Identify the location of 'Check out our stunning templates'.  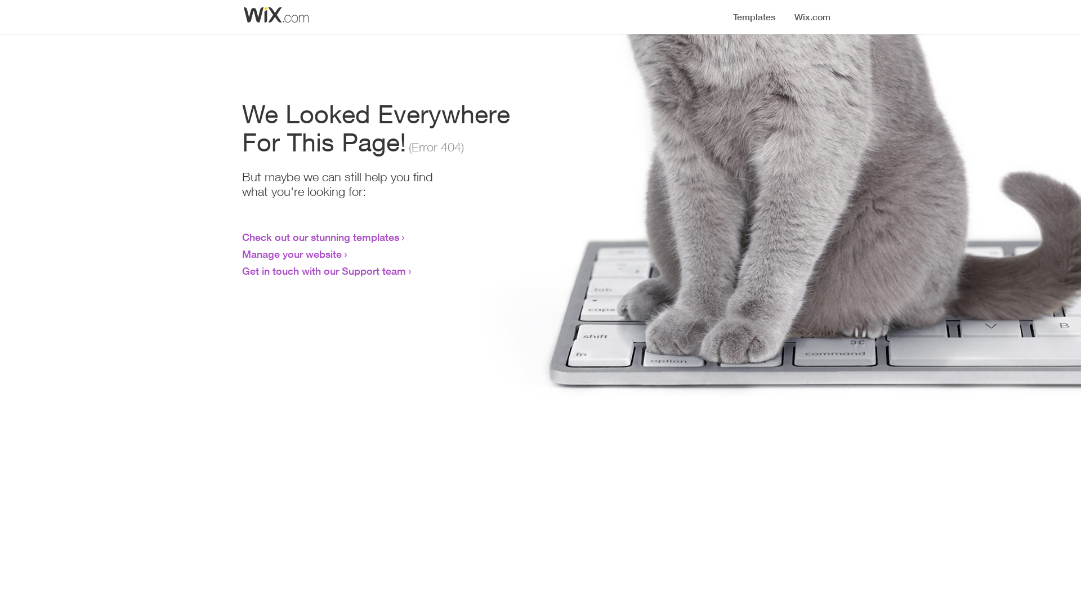
(320, 236).